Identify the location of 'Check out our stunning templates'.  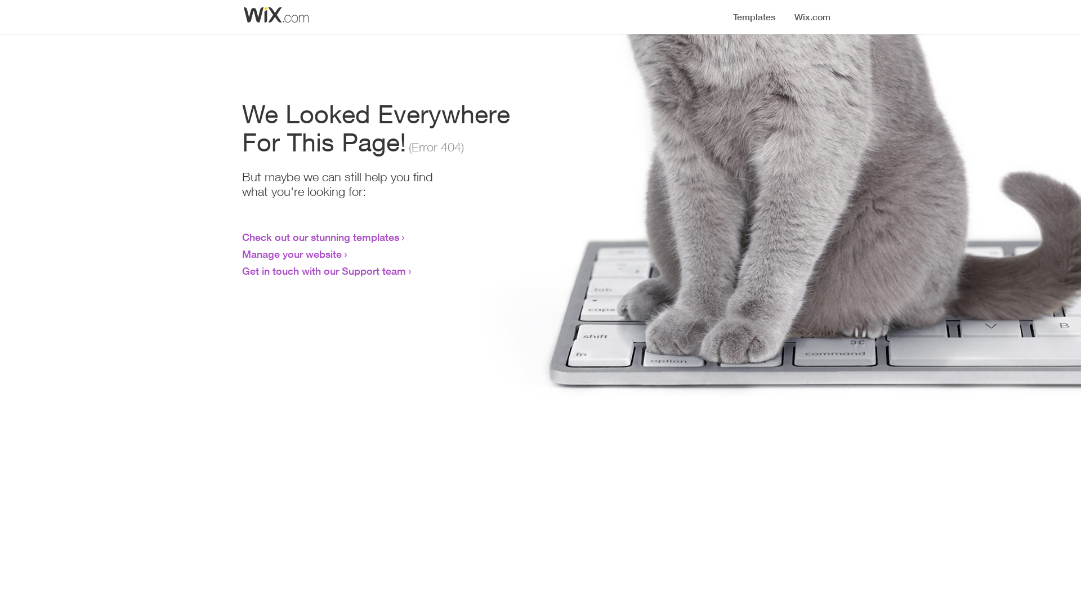
(320, 236).